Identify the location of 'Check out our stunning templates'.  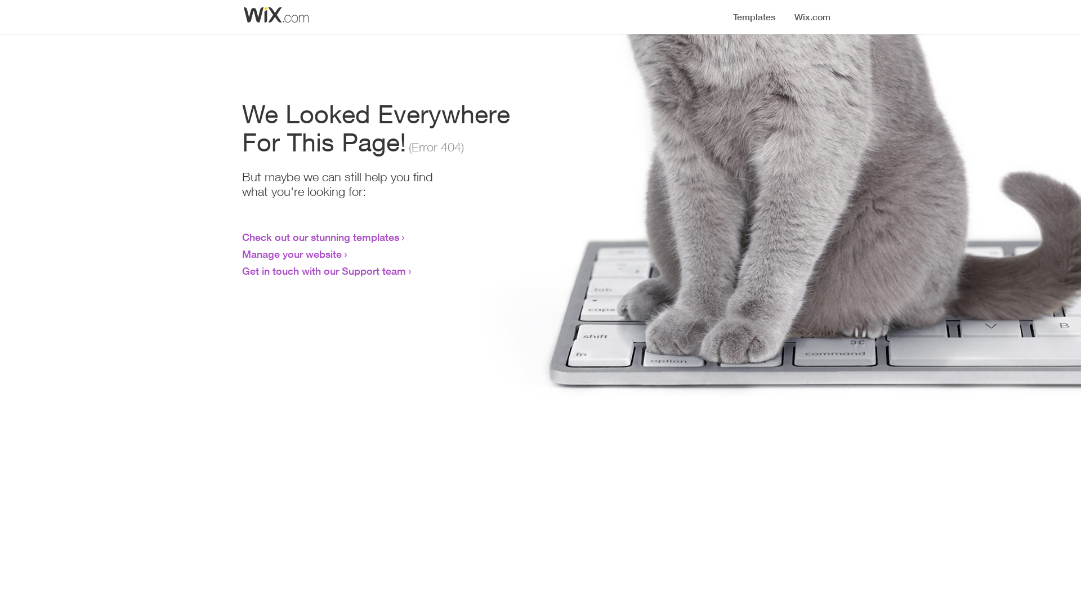
(320, 236).